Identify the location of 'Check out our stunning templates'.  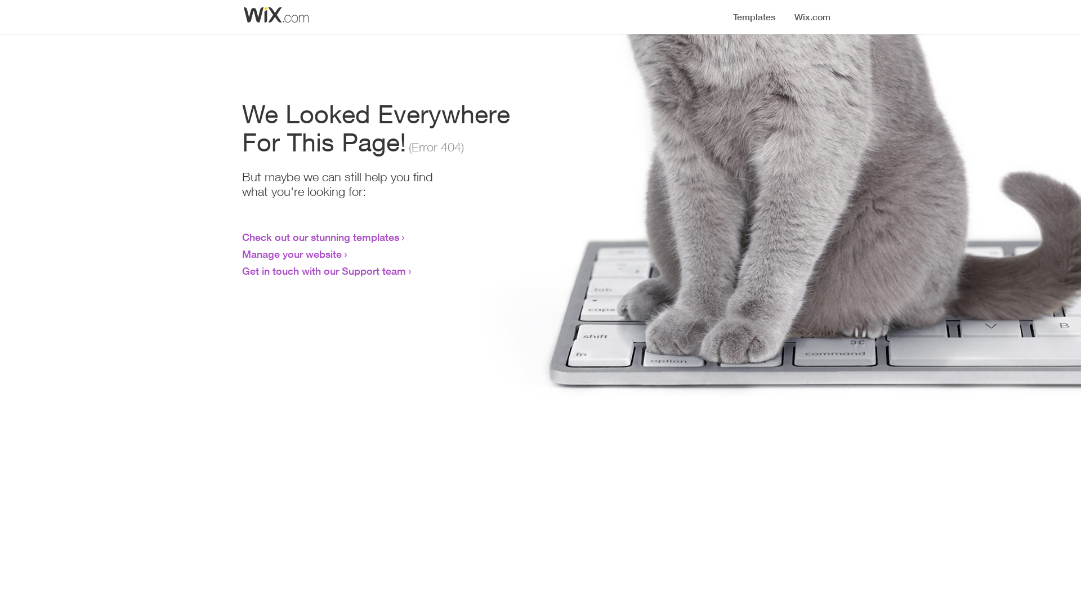
(320, 236).